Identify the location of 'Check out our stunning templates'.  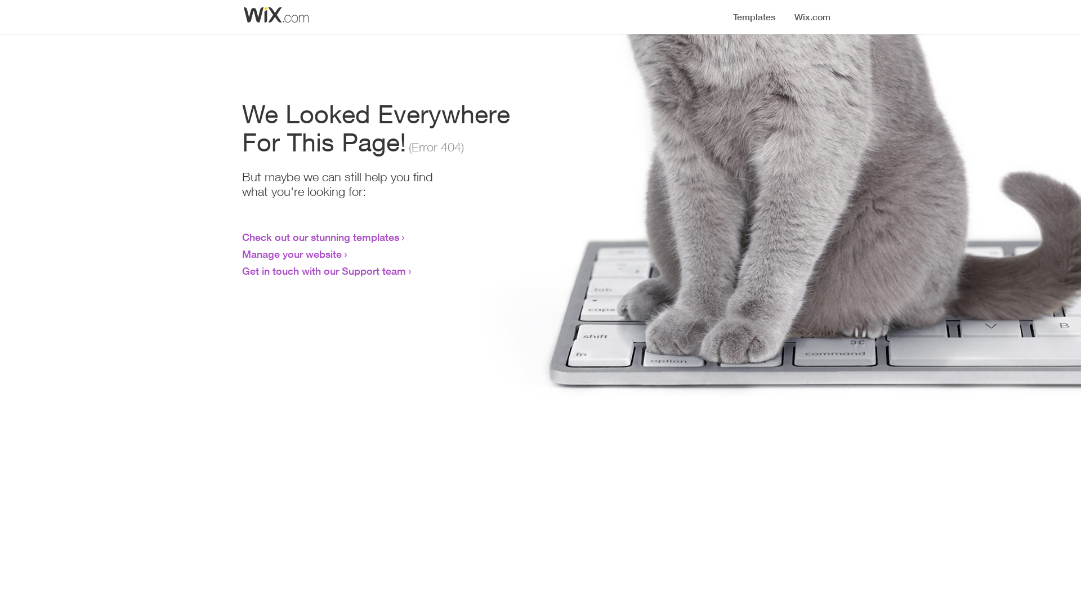
(320, 236).